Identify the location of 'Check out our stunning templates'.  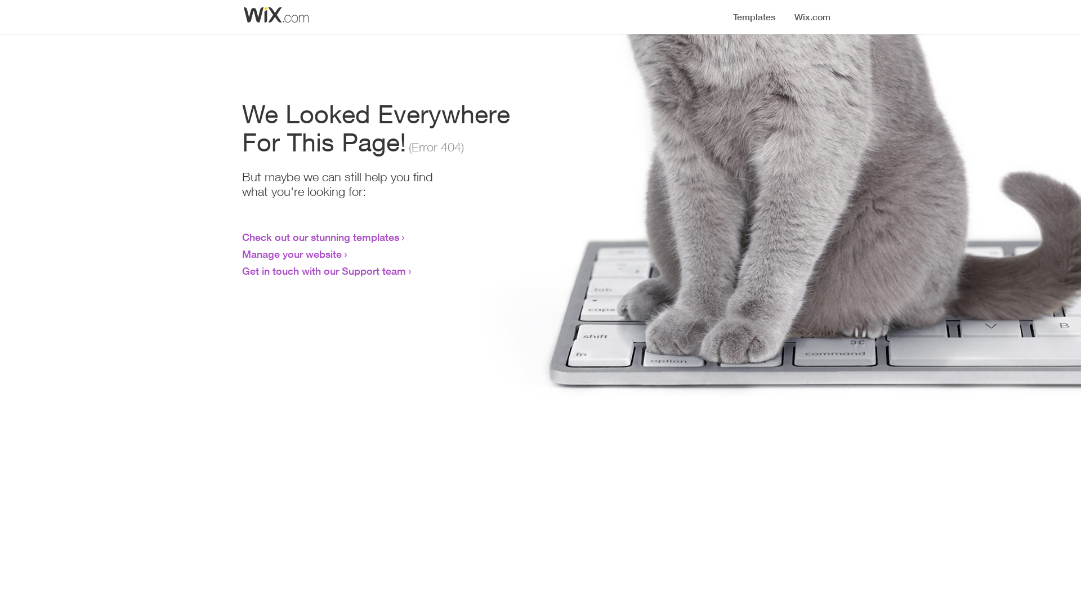
(320, 236).